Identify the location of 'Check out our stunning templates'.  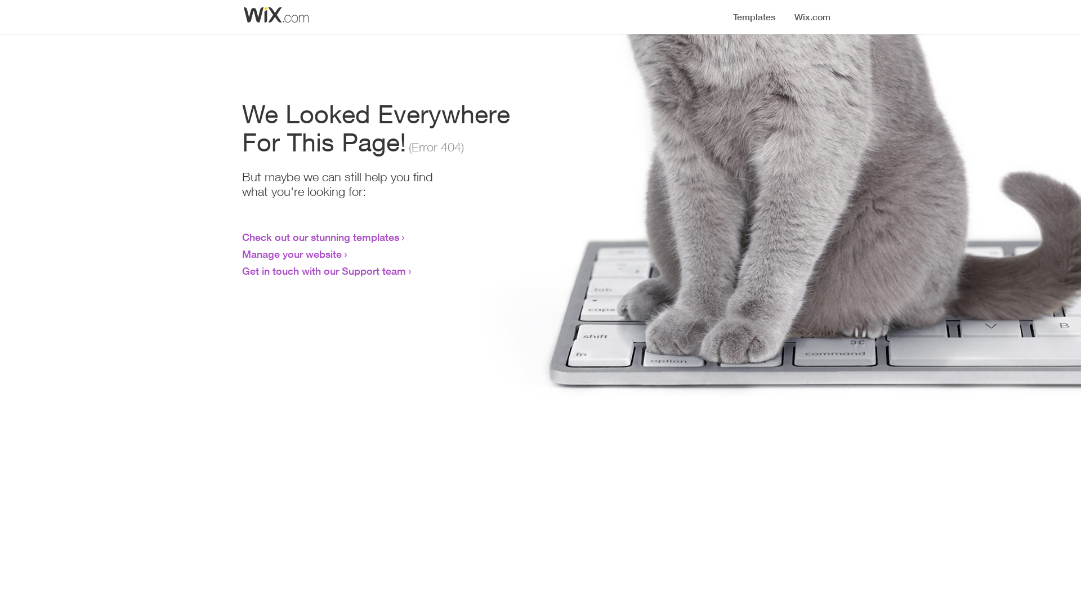
(320, 236).